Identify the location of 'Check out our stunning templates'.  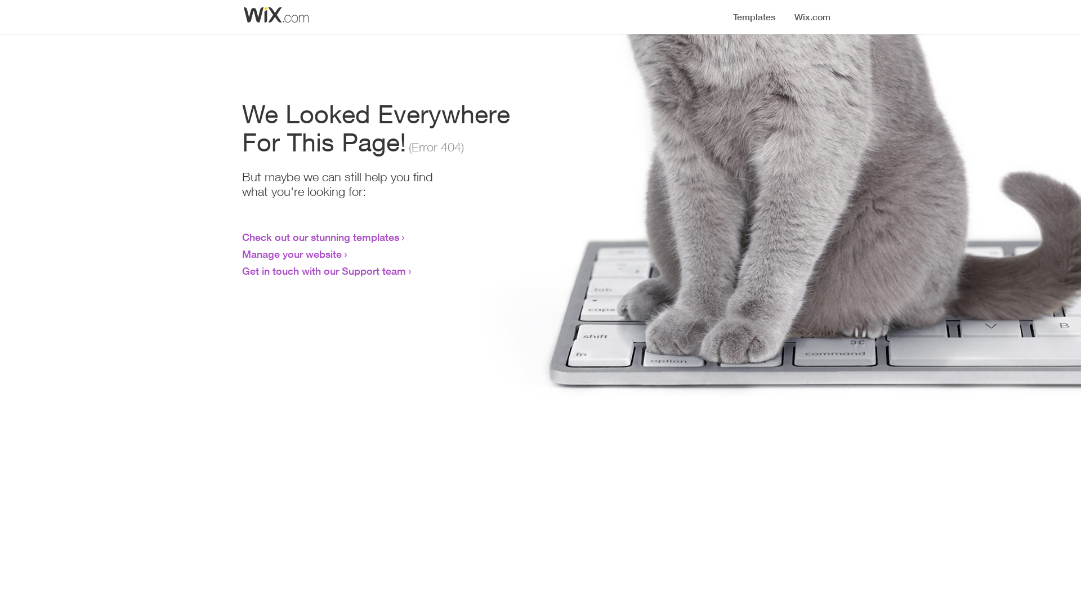
(320, 236).